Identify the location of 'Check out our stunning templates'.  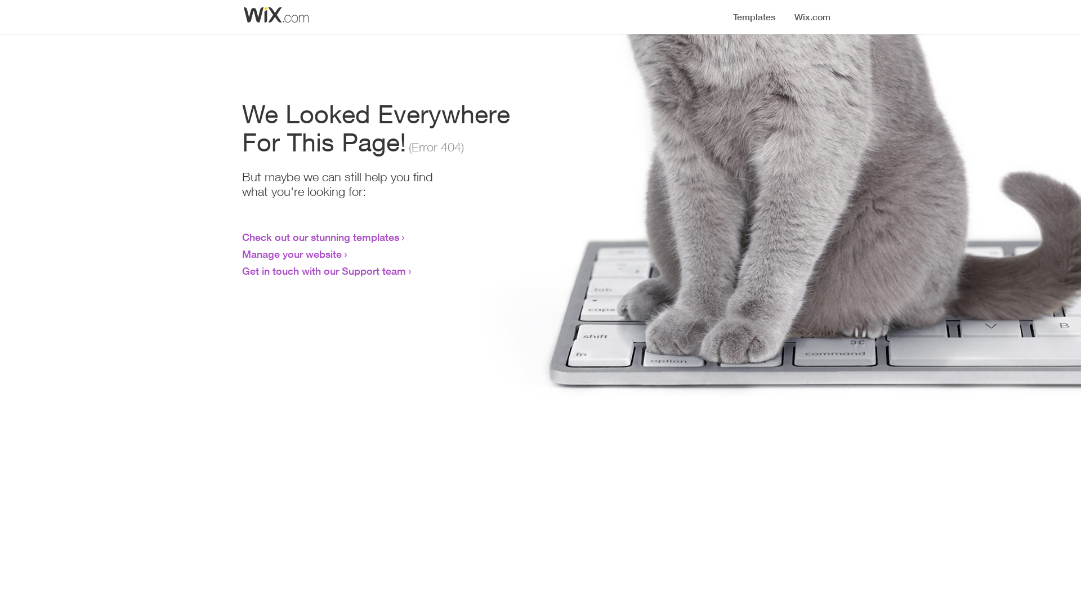
(320, 236).